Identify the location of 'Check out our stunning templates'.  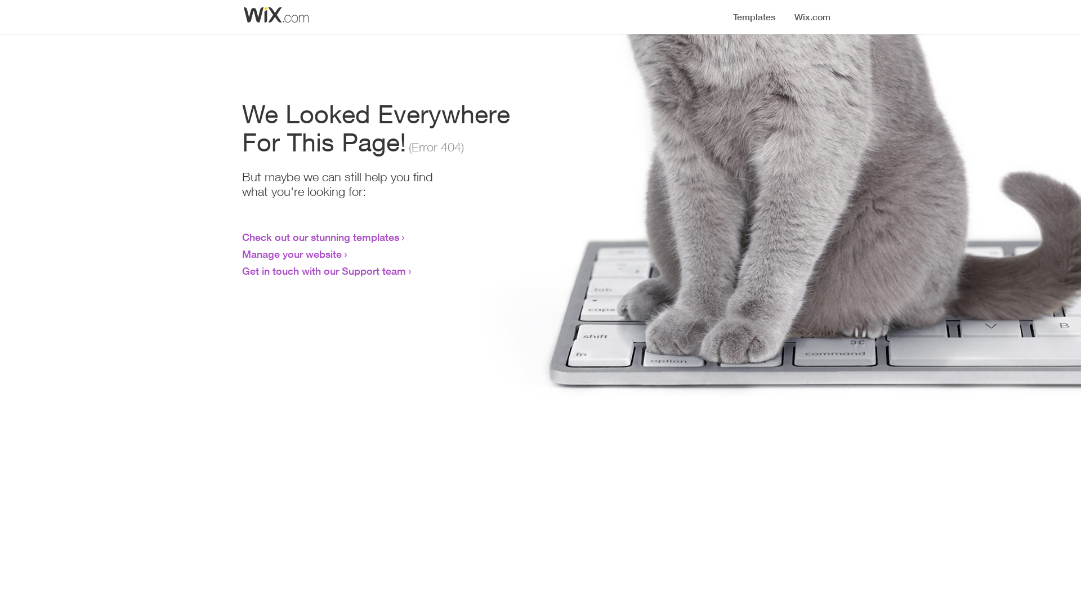
(320, 236).